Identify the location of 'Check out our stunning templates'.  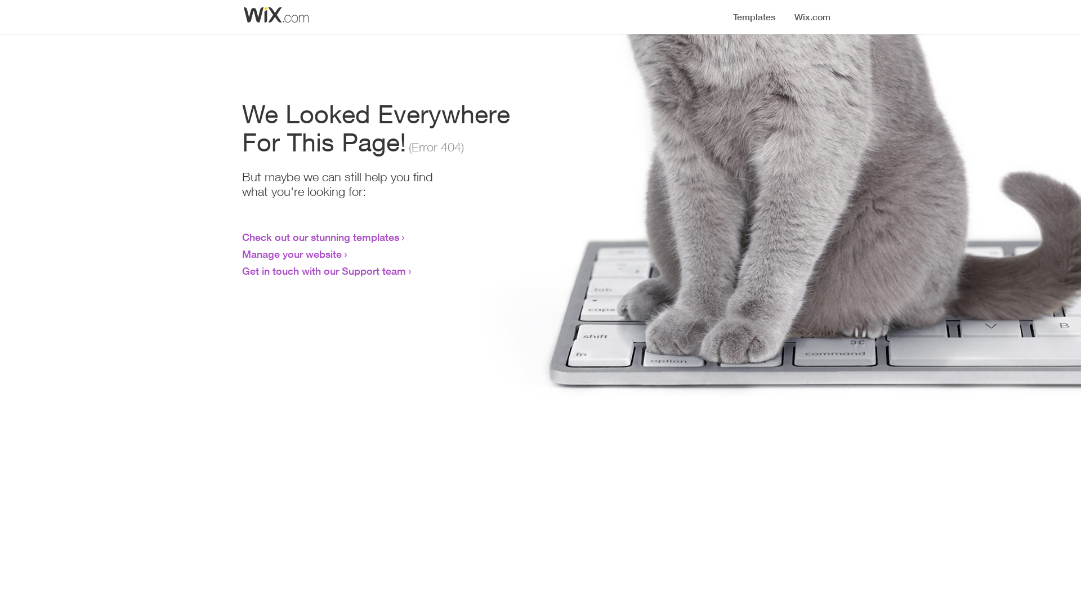
(320, 236).